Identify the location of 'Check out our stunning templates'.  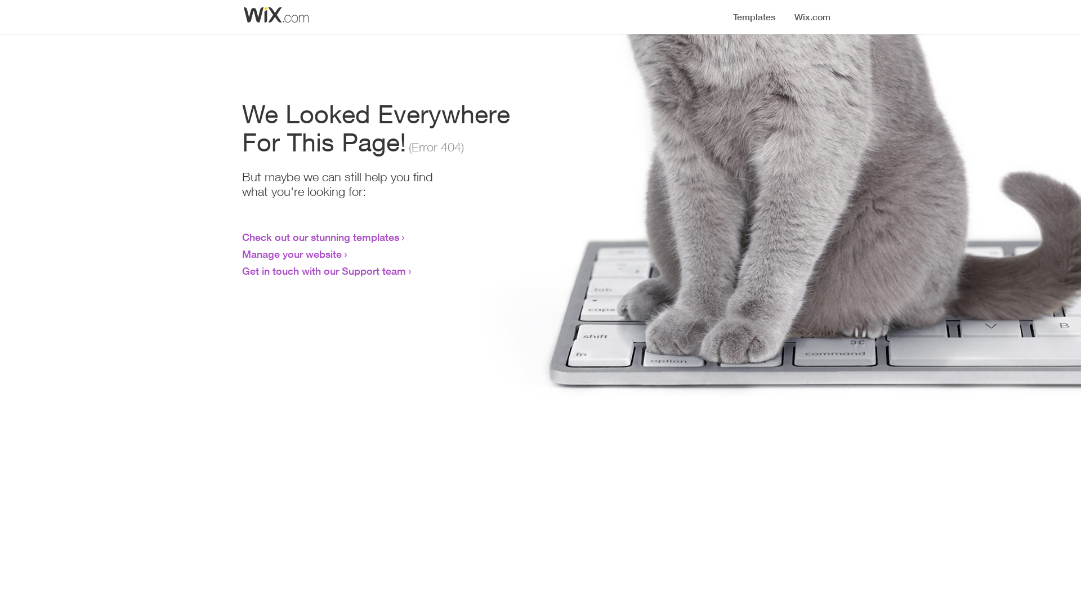
(320, 236).